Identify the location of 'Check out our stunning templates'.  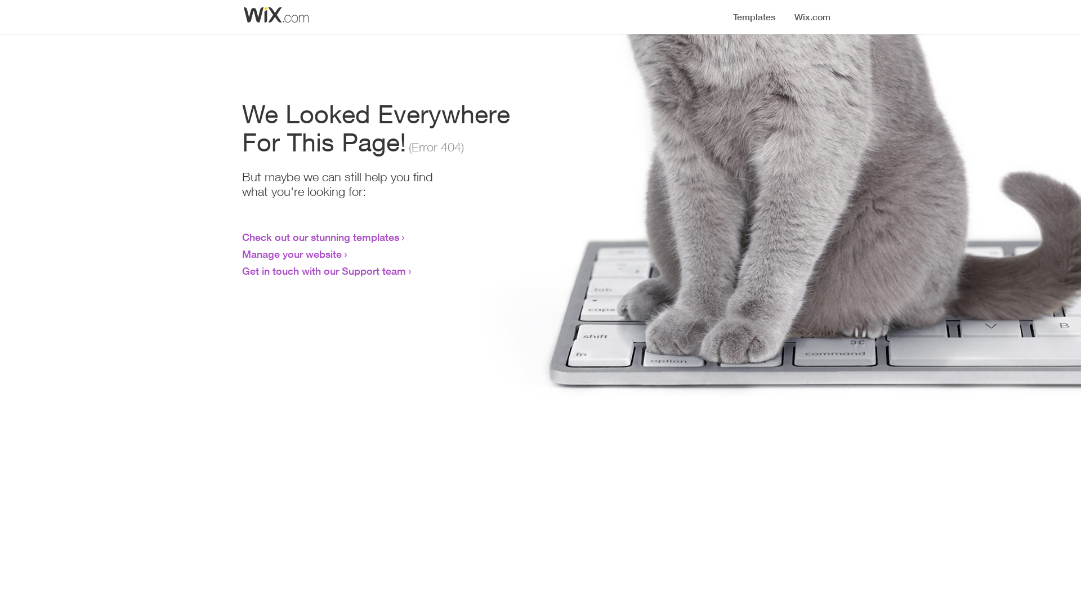
(320, 236).